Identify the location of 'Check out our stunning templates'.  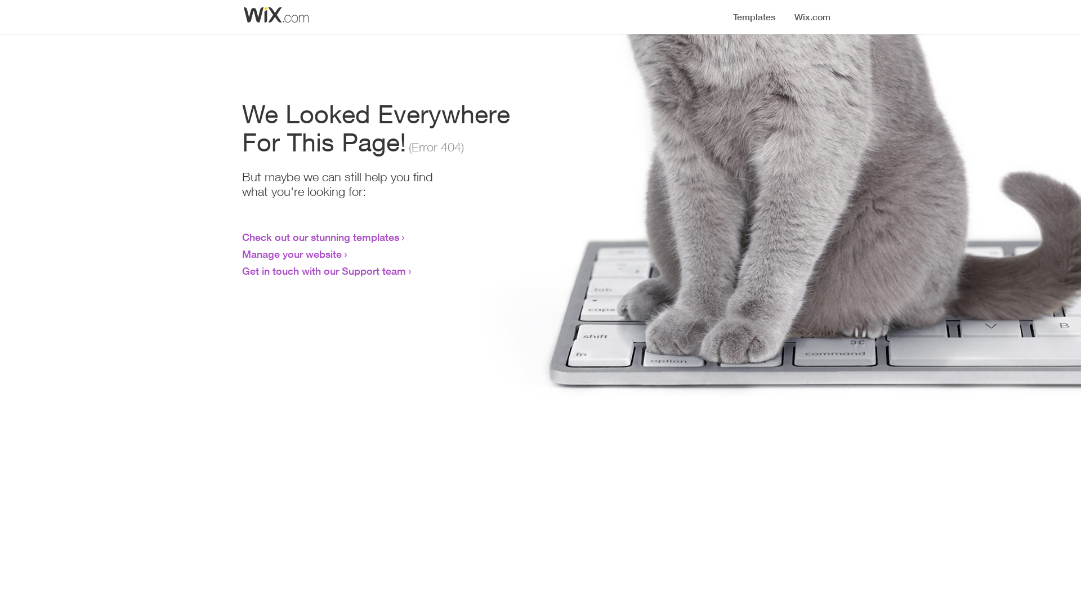
(320, 236).